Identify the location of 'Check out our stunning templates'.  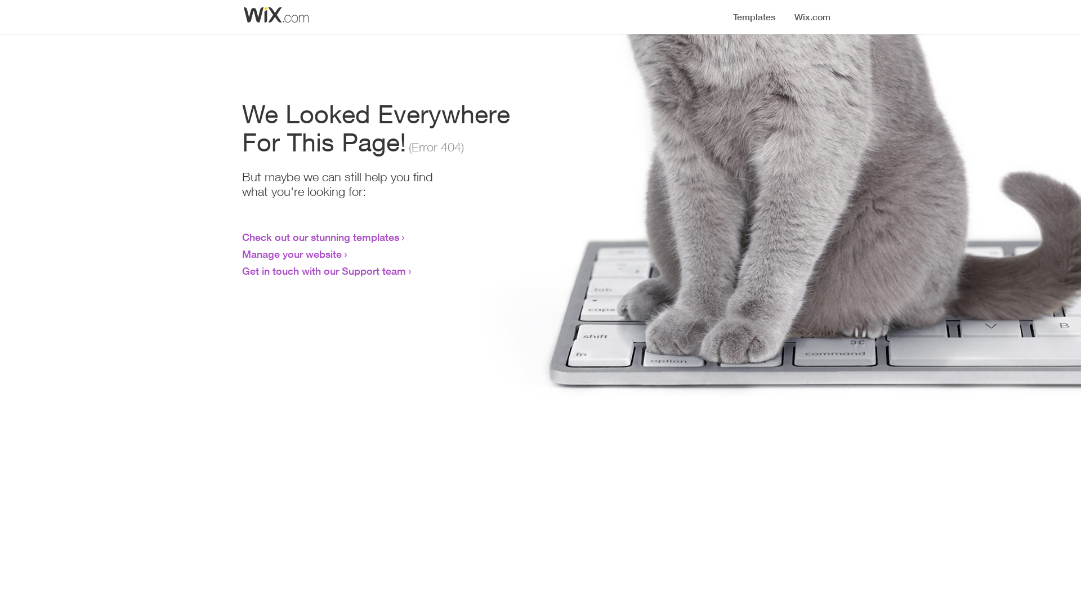
(320, 236).